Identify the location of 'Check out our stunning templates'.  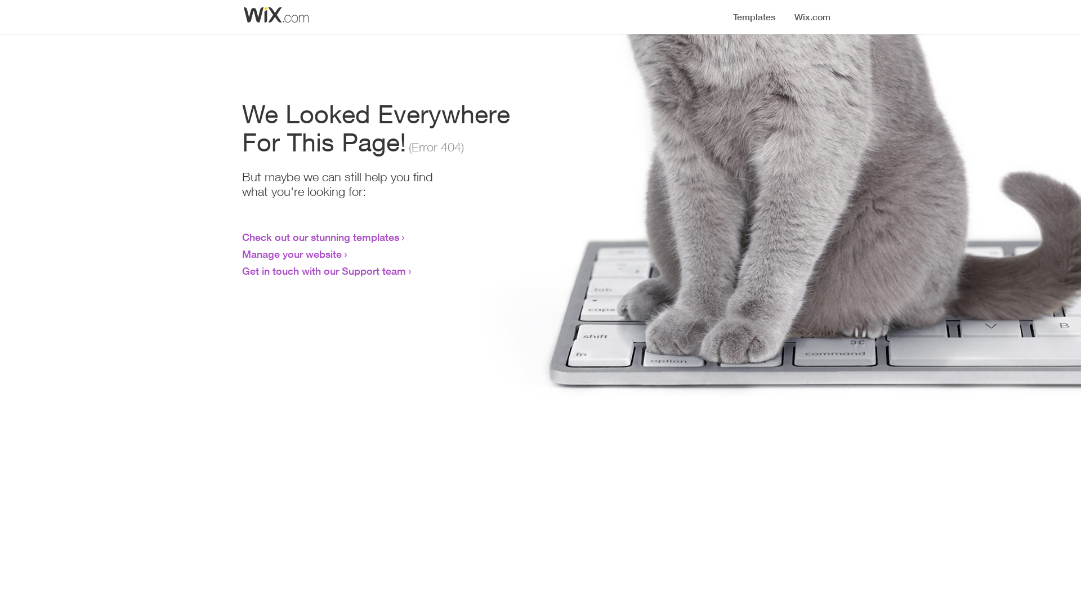
(320, 236).